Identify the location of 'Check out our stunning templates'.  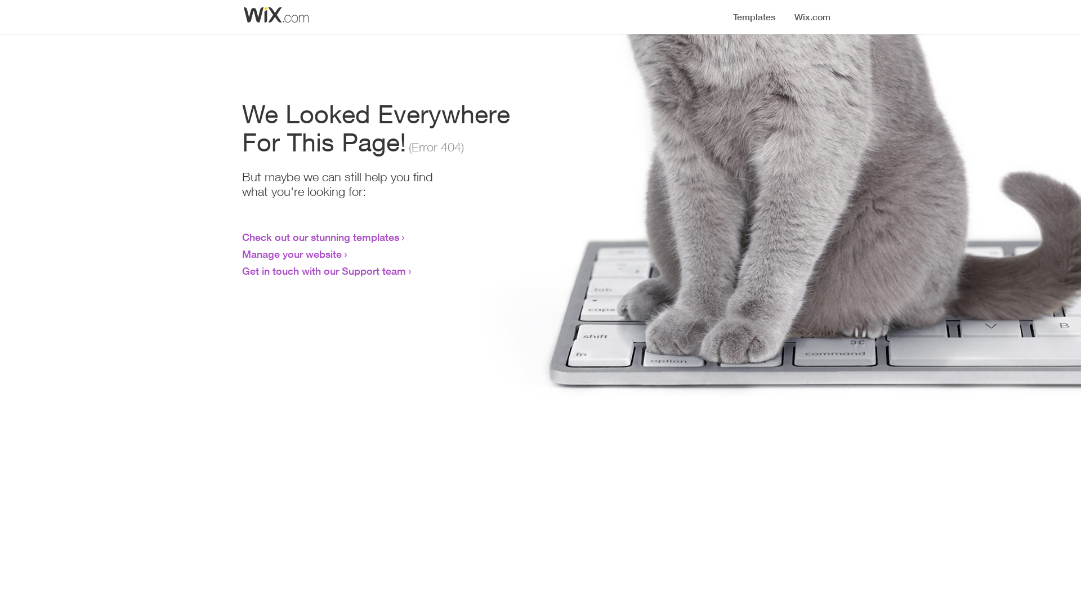
(320, 236).